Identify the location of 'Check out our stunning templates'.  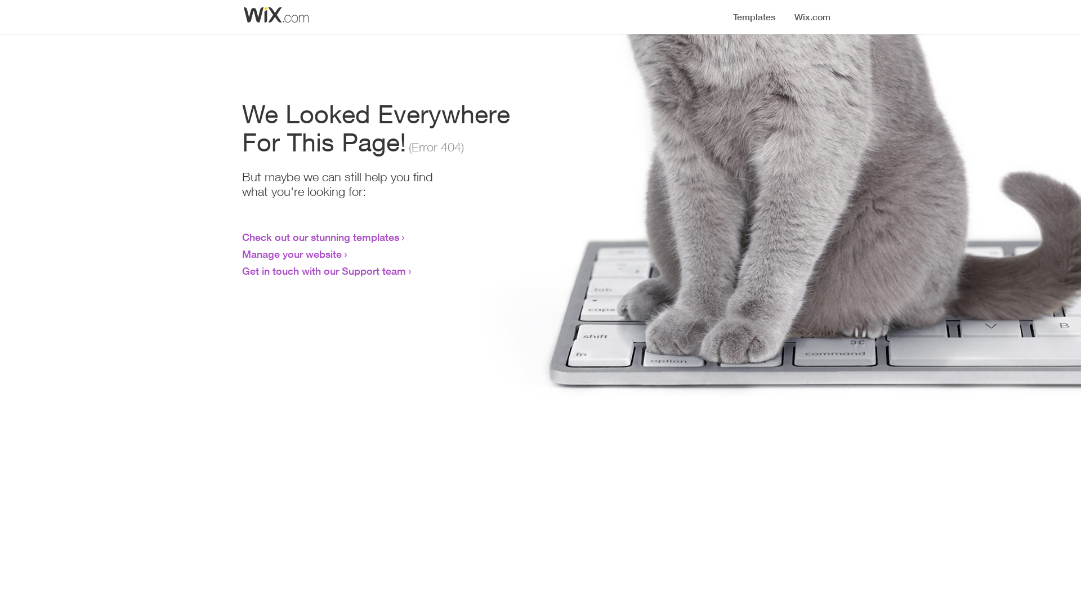
(320, 236).